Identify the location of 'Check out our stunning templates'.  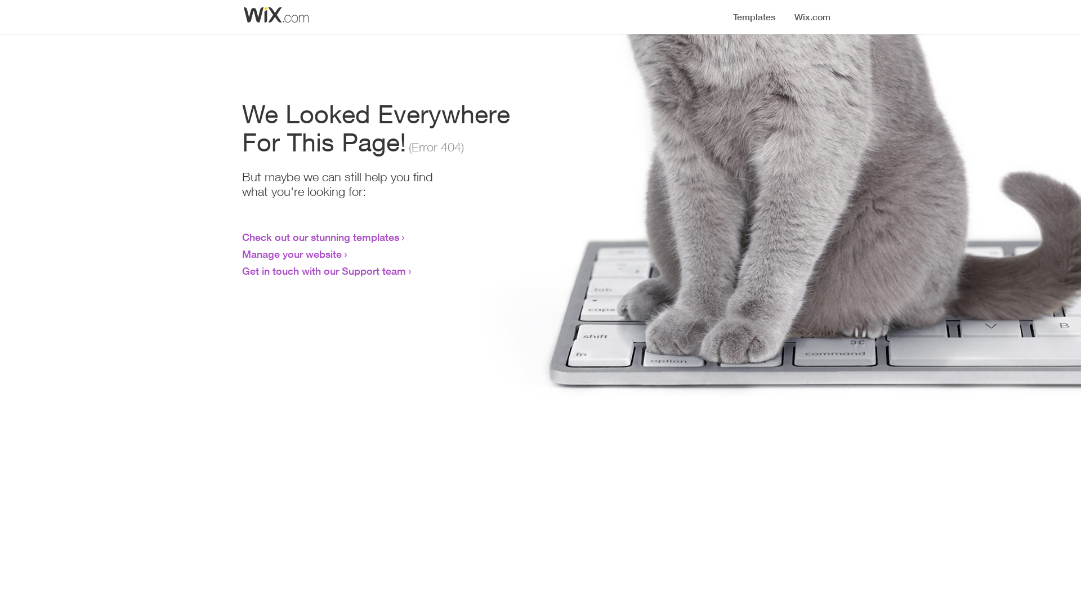
(320, 236).